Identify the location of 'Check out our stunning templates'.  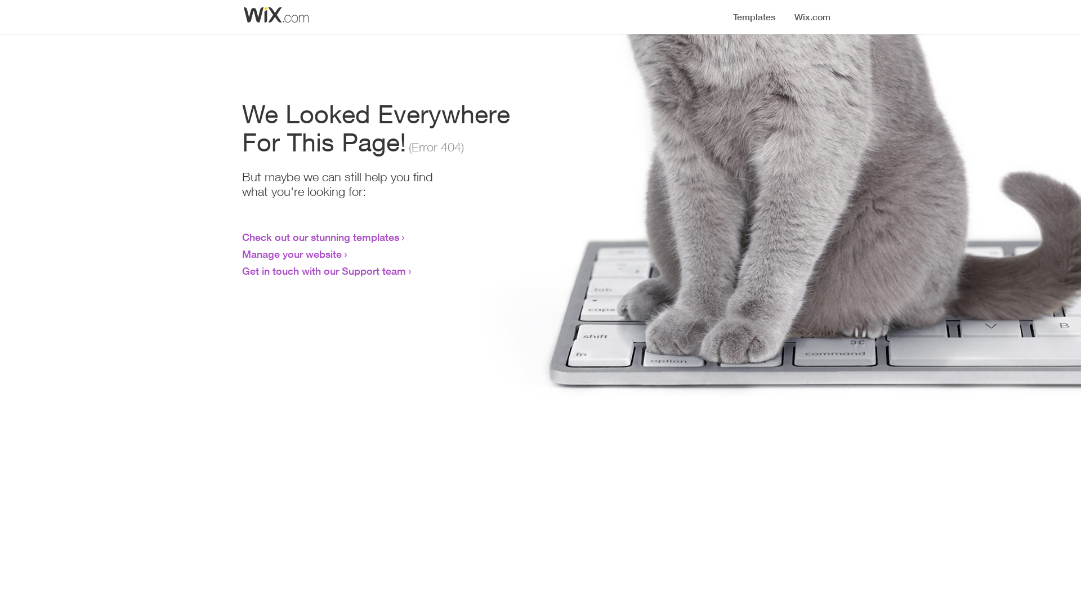
(320, 236).